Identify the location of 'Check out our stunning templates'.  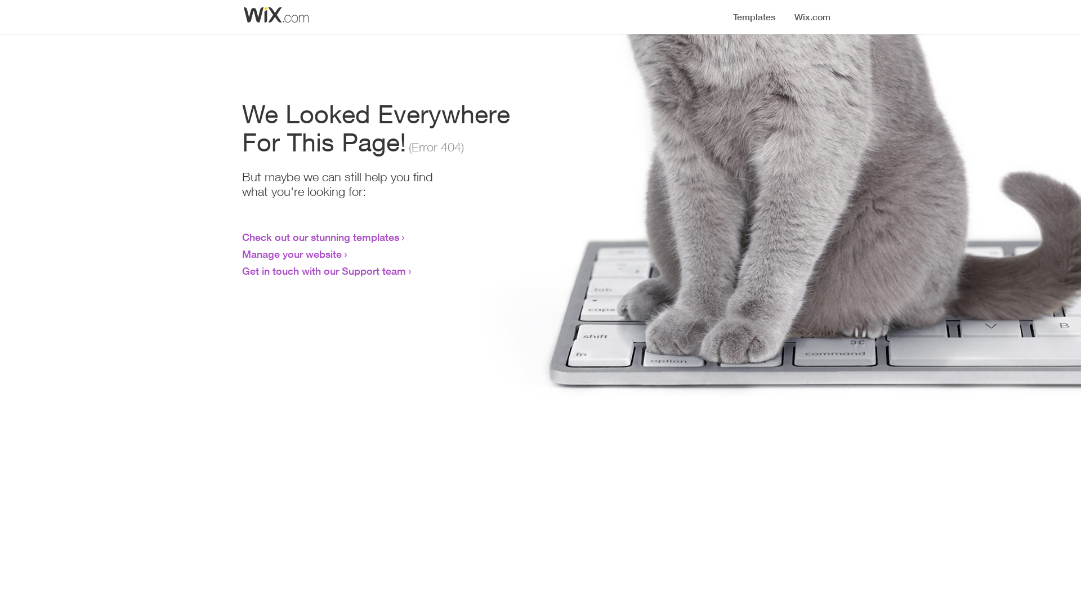
(320, 236).